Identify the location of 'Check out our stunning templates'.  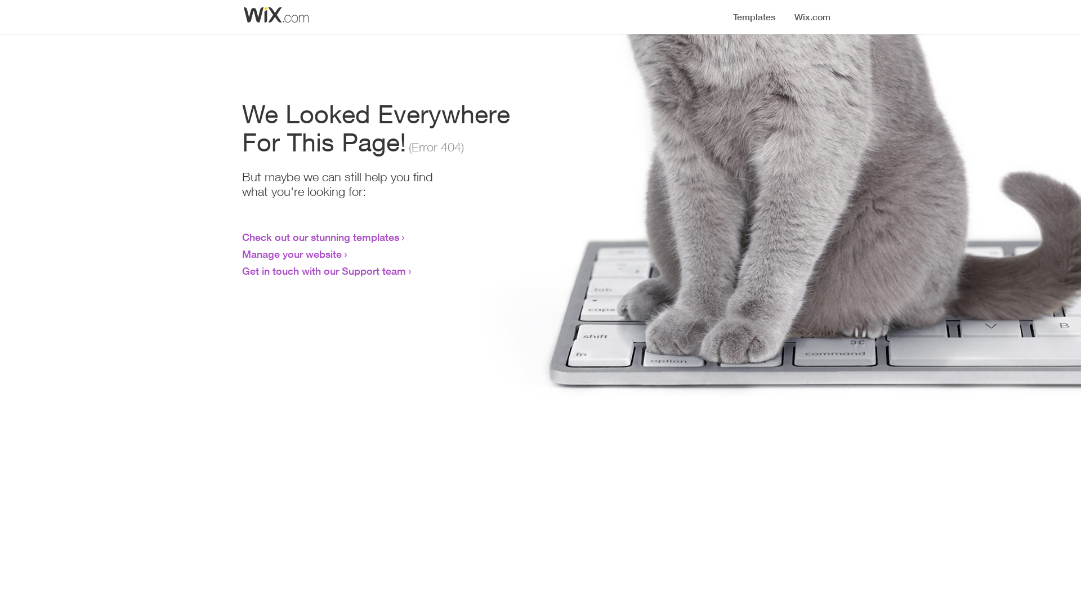
(320, 236).